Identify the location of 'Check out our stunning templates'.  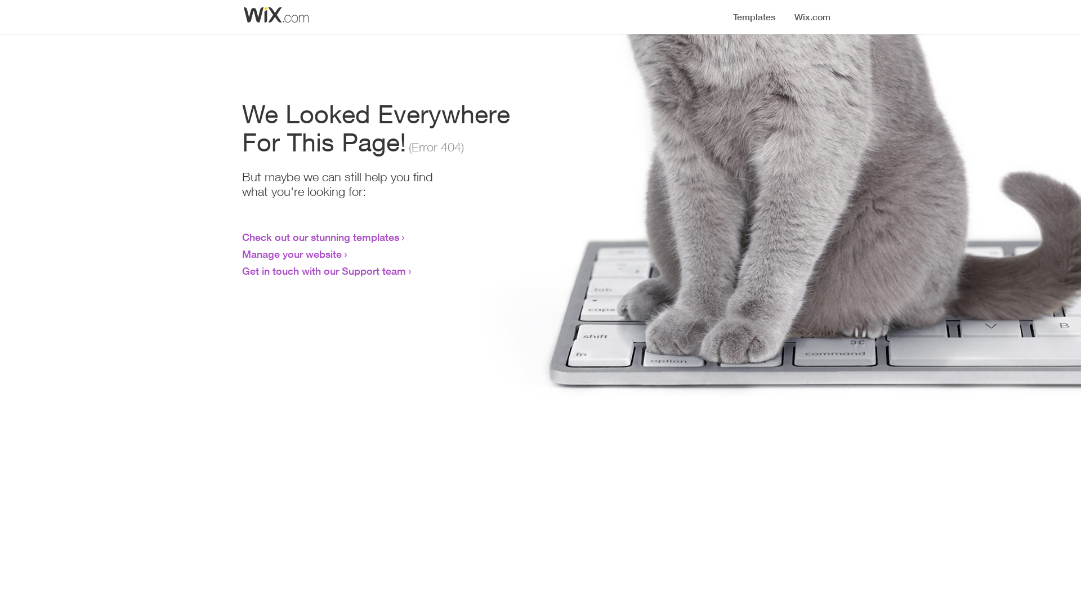
(320, 236).